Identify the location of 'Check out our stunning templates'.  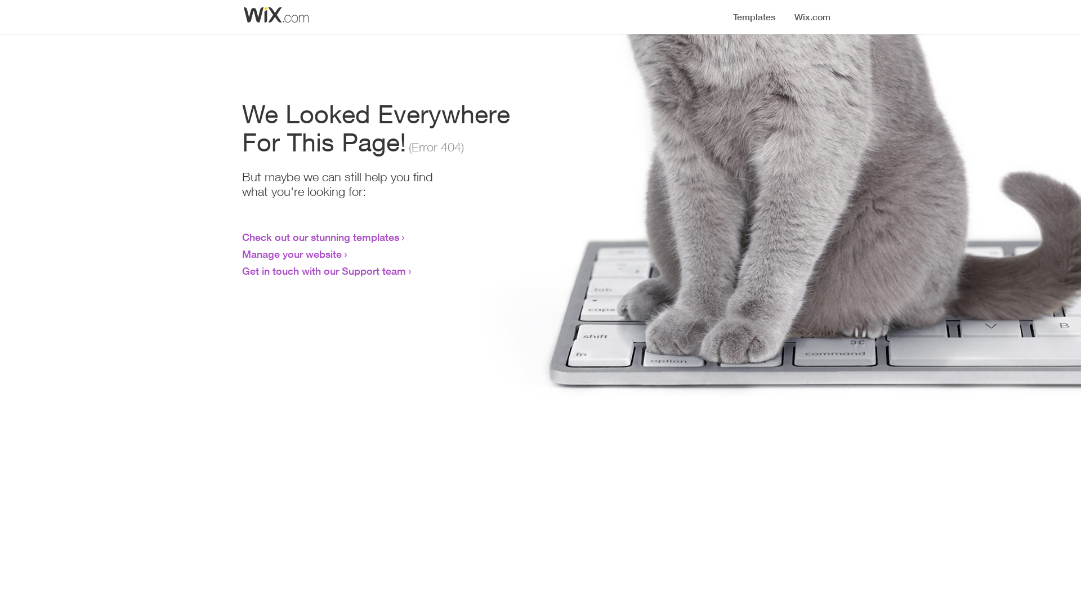
(320, 236).